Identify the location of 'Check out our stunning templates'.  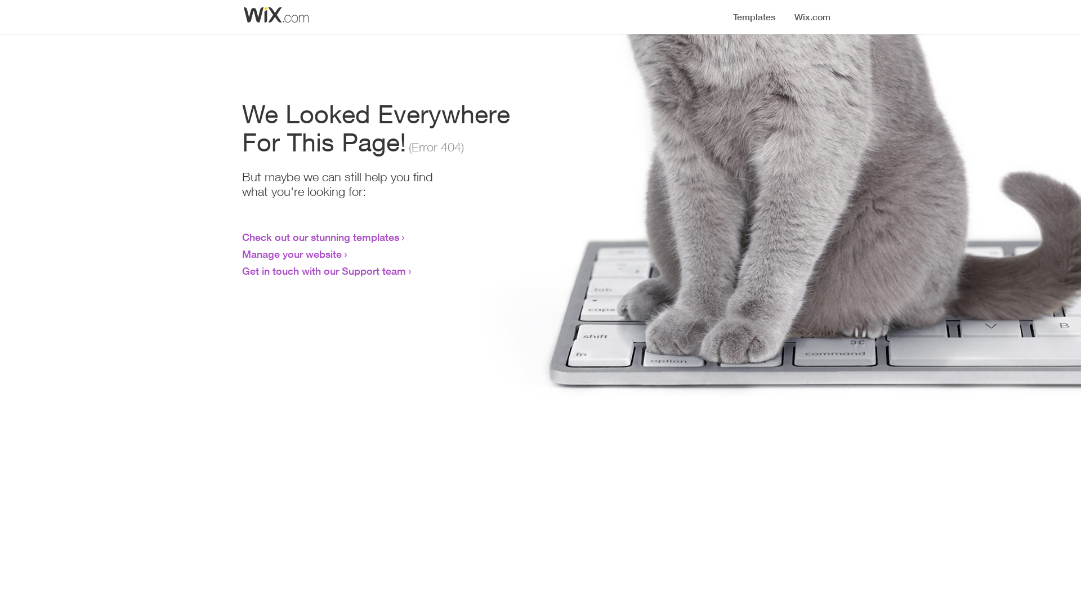
(320, 236).